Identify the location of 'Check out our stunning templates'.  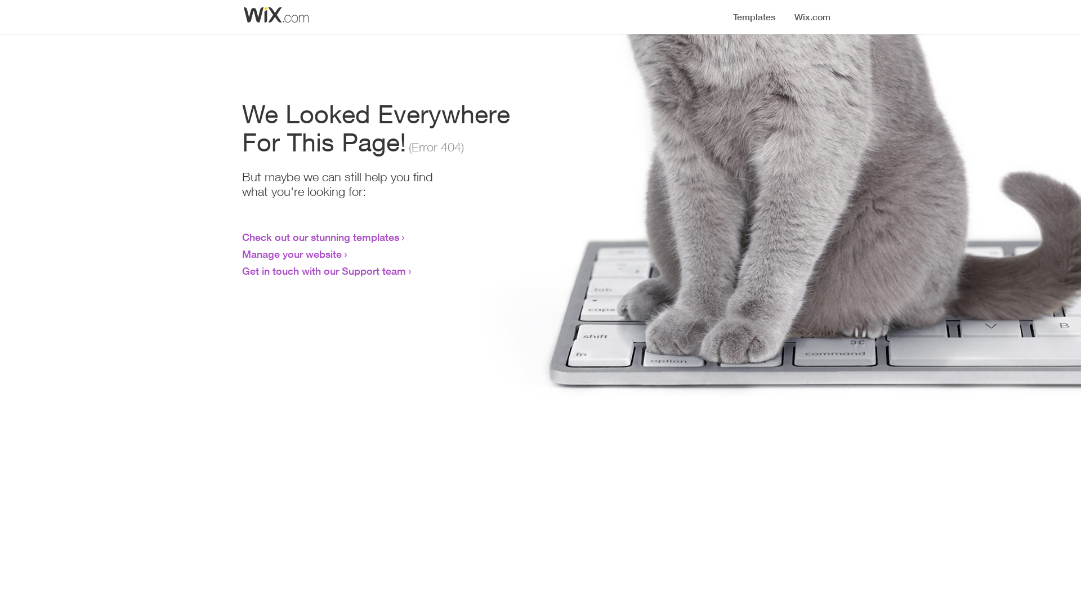
(320, 236).